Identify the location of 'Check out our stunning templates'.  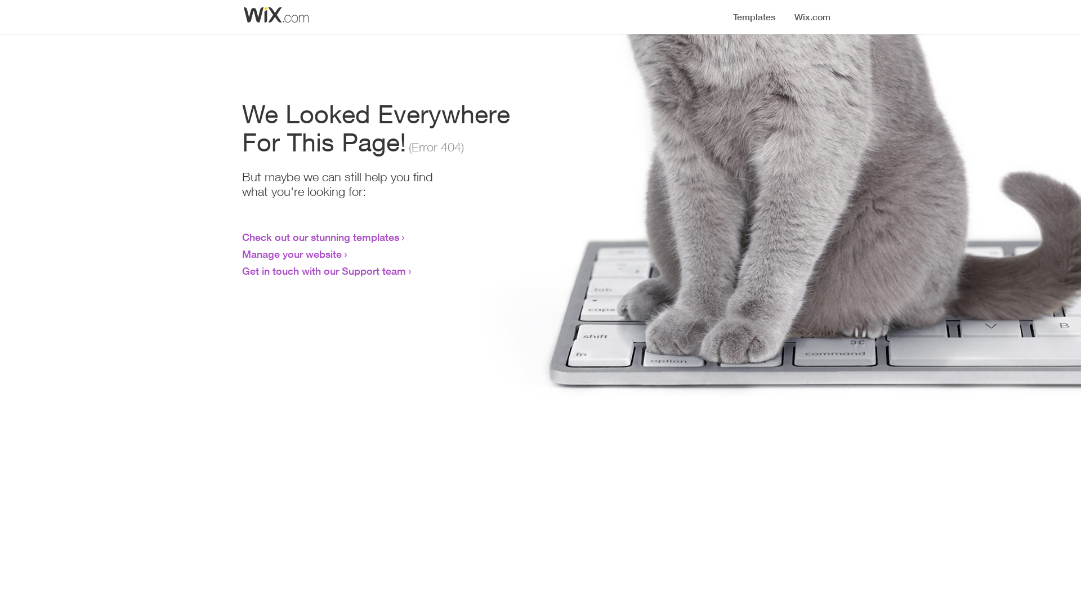
(320, 236).